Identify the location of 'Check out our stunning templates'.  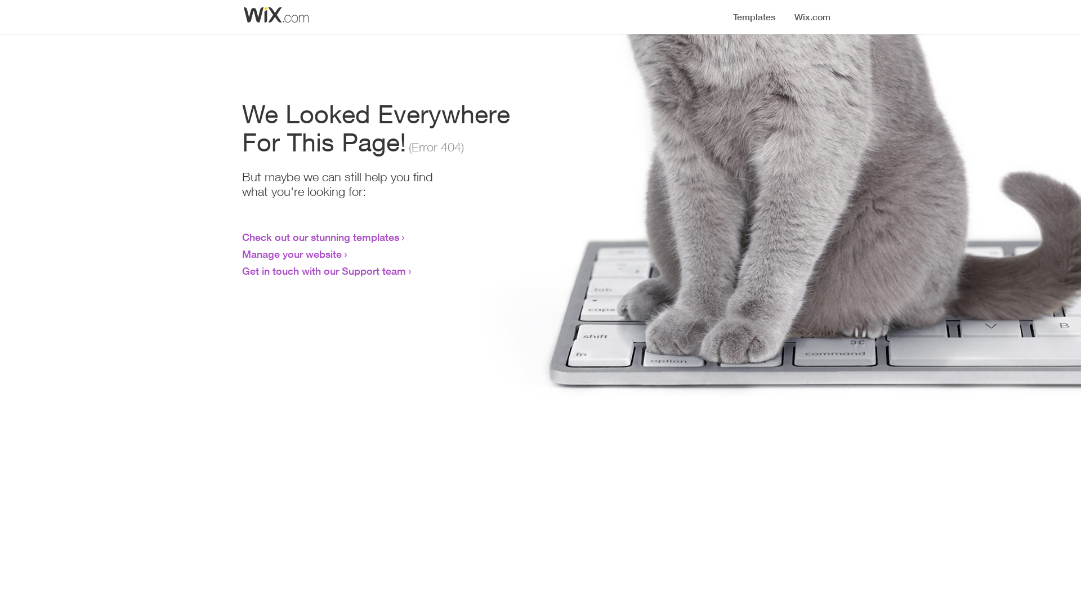
(320, 236).